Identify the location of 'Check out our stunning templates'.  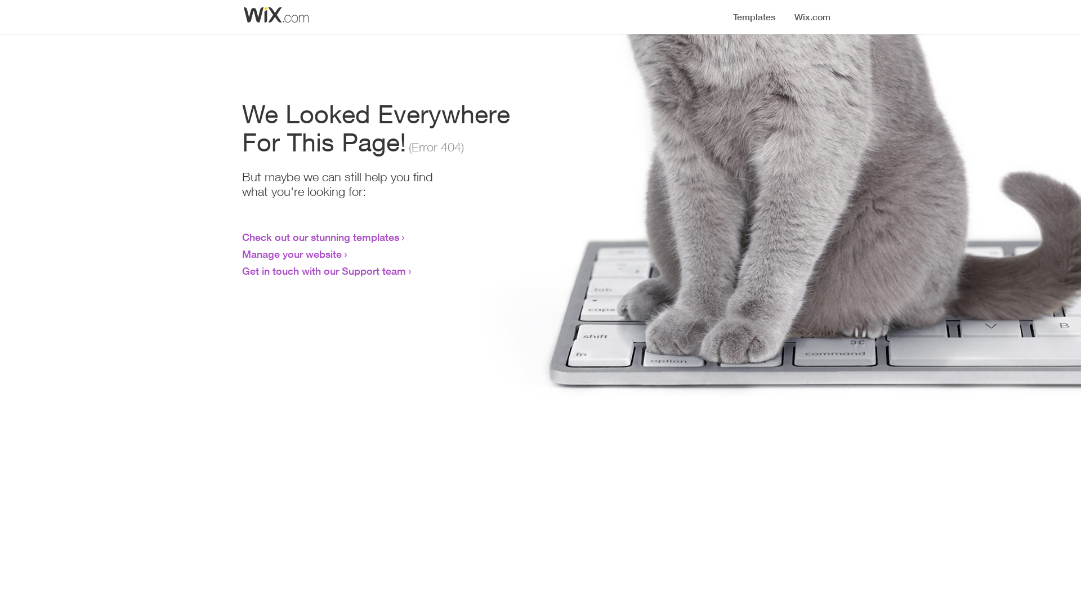
(320, 236).